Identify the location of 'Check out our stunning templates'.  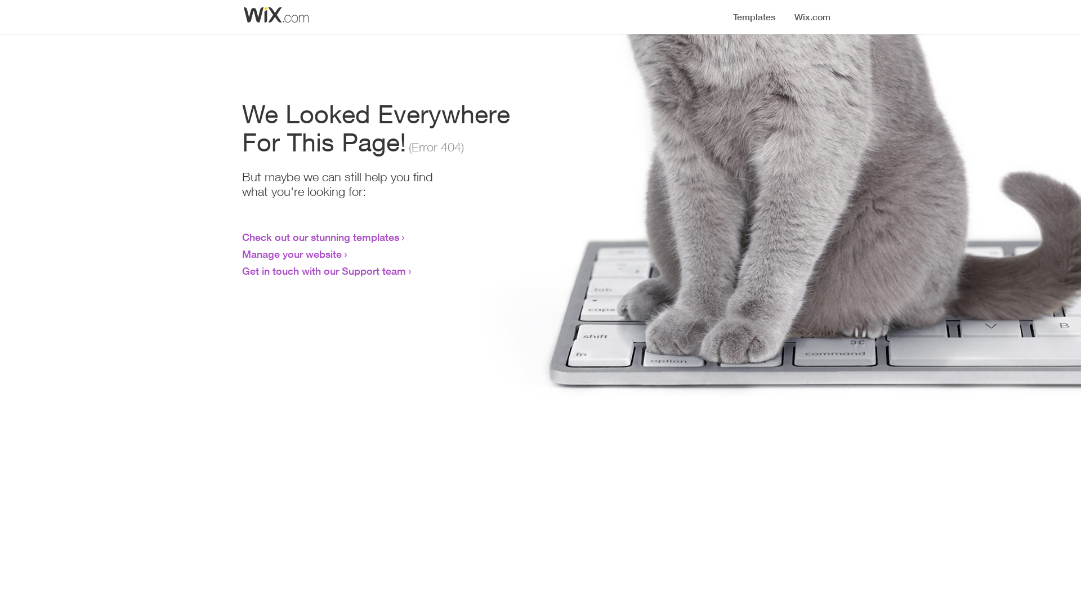
(320, 236).